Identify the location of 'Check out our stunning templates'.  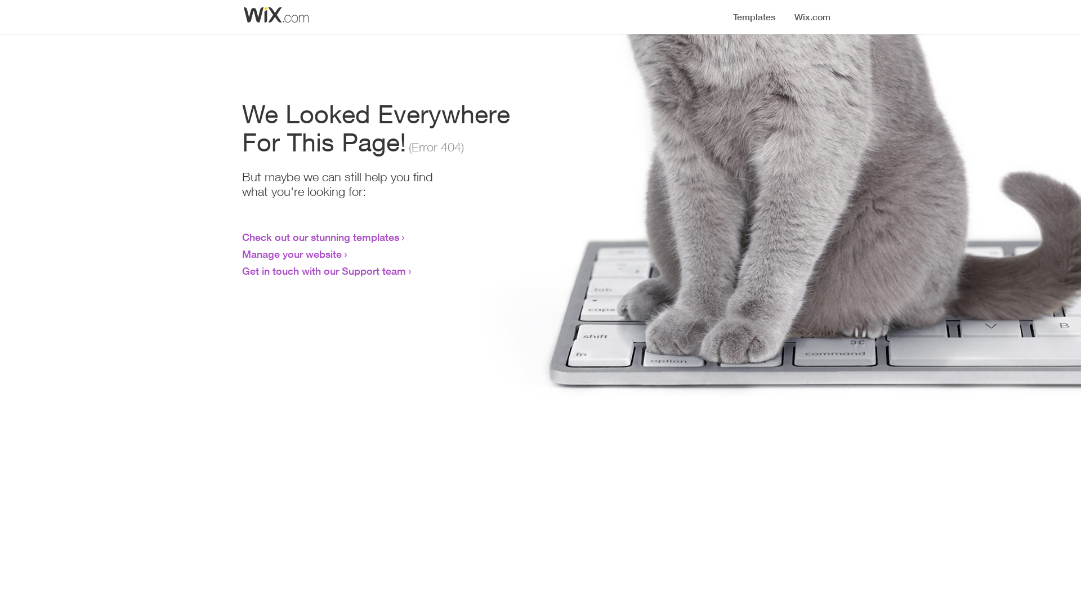
(320, 236).